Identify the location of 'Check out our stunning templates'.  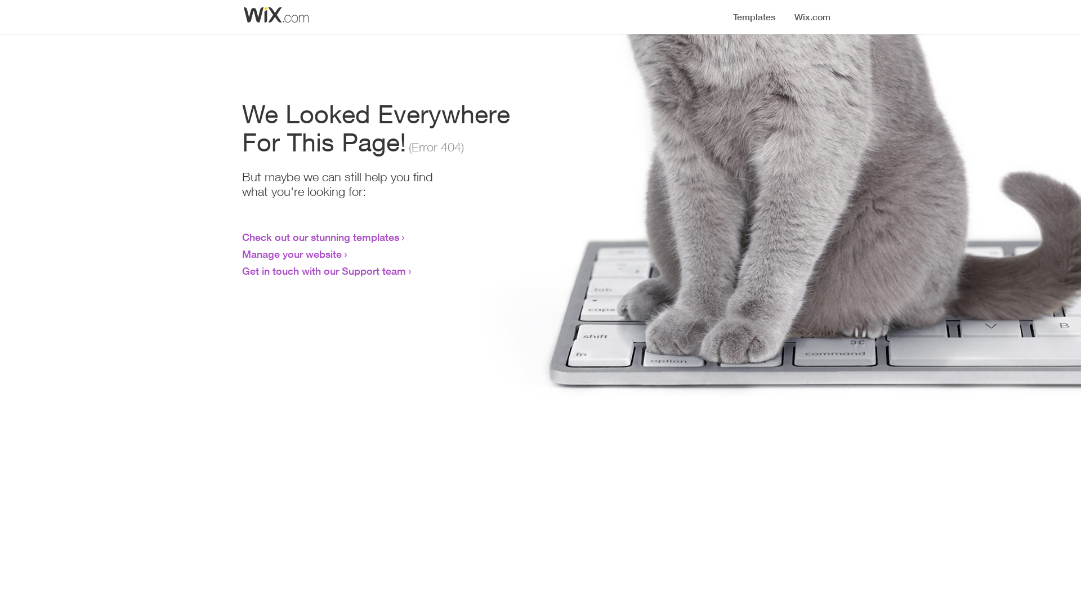
(320, 236).